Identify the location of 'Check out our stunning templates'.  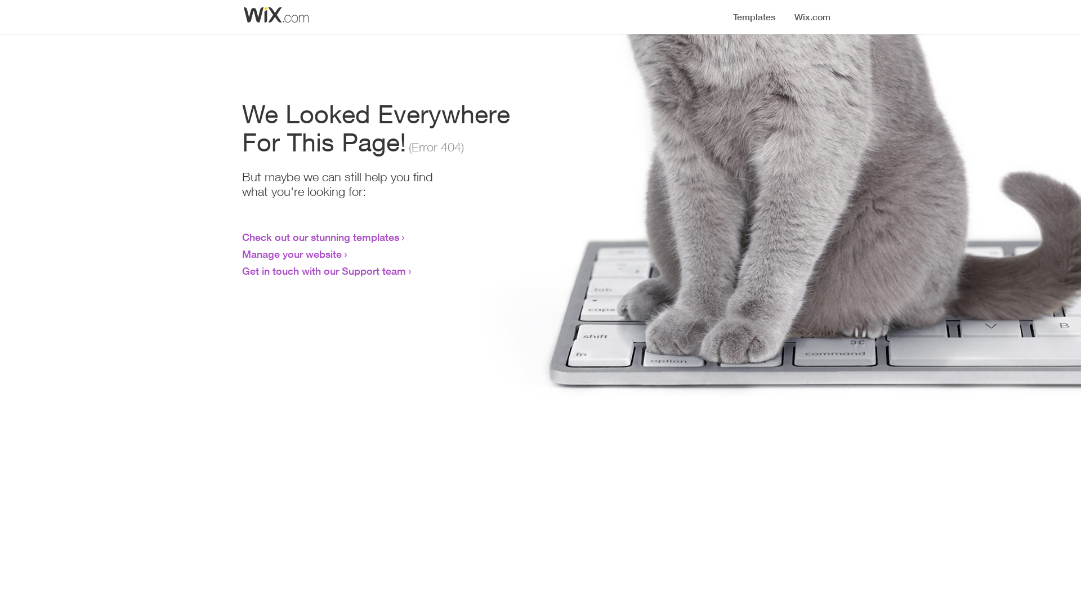
(320, 236).